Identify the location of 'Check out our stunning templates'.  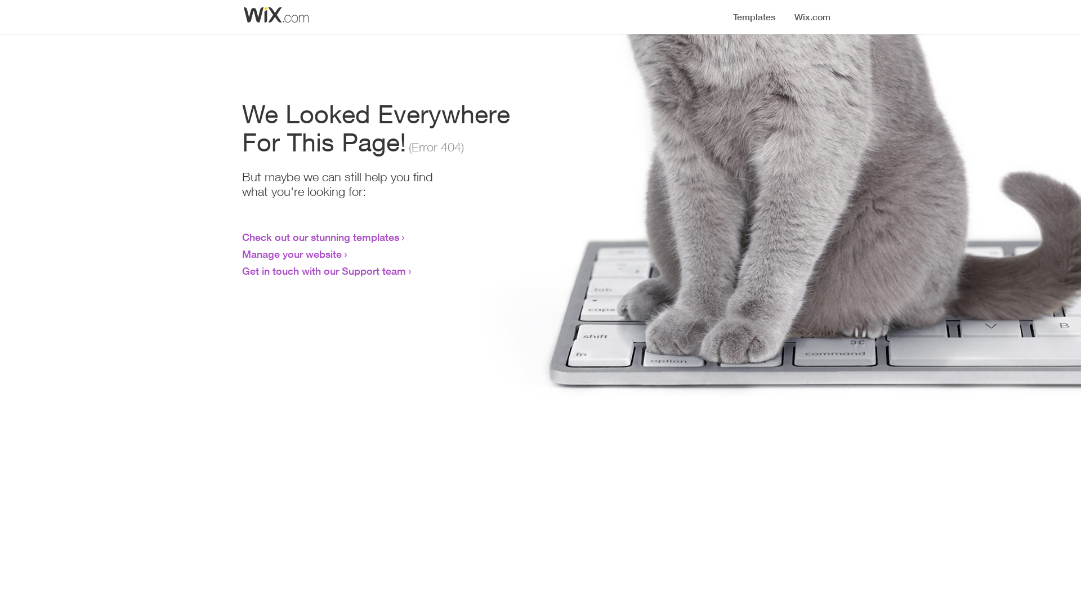
(320, 236).